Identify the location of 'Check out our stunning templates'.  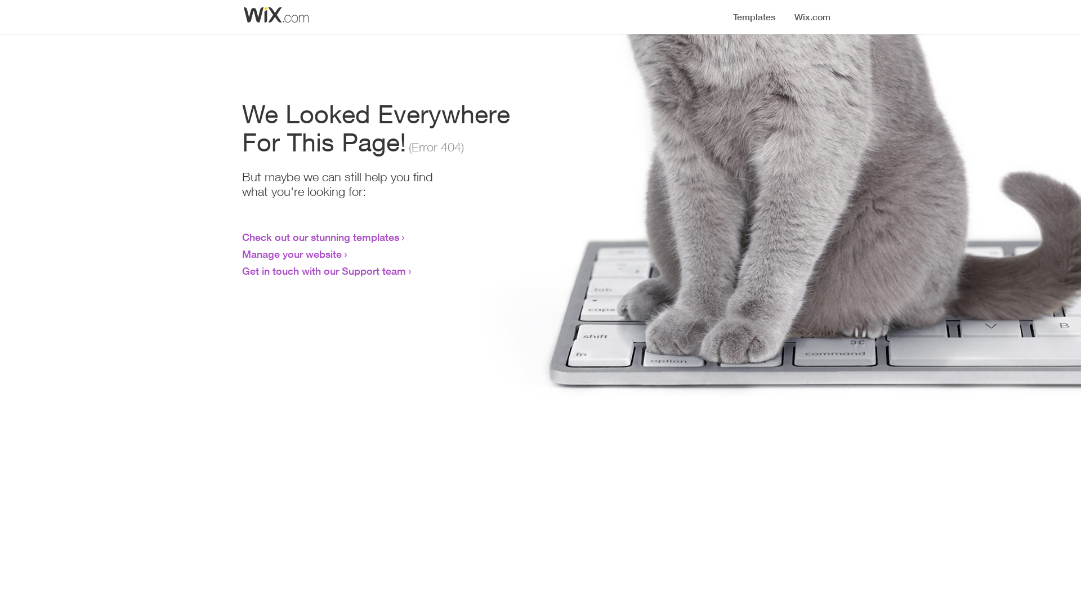
(320, 236).